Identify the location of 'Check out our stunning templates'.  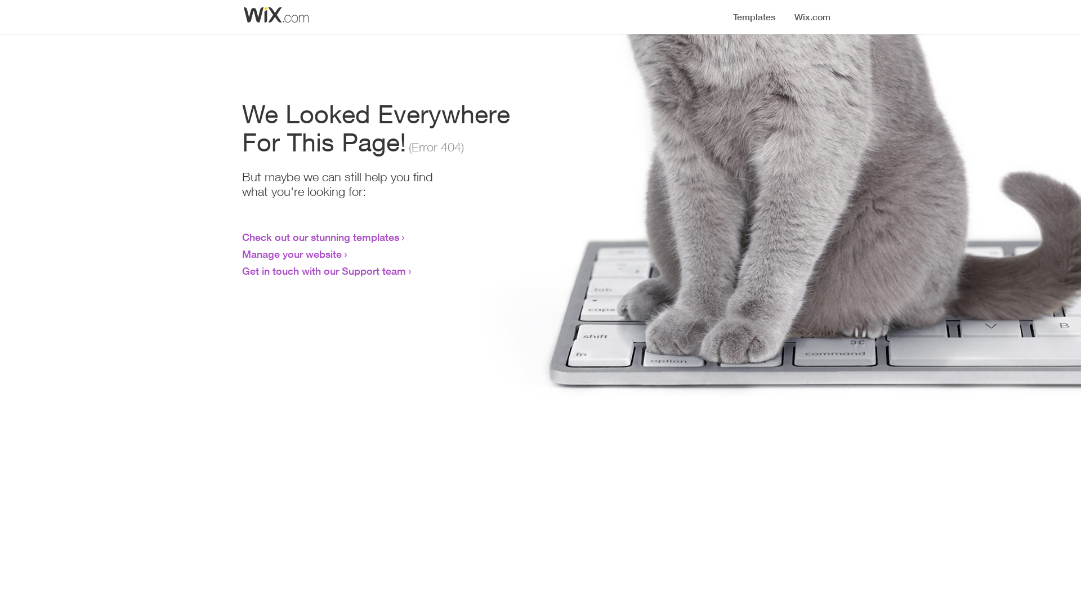
(320, 236).